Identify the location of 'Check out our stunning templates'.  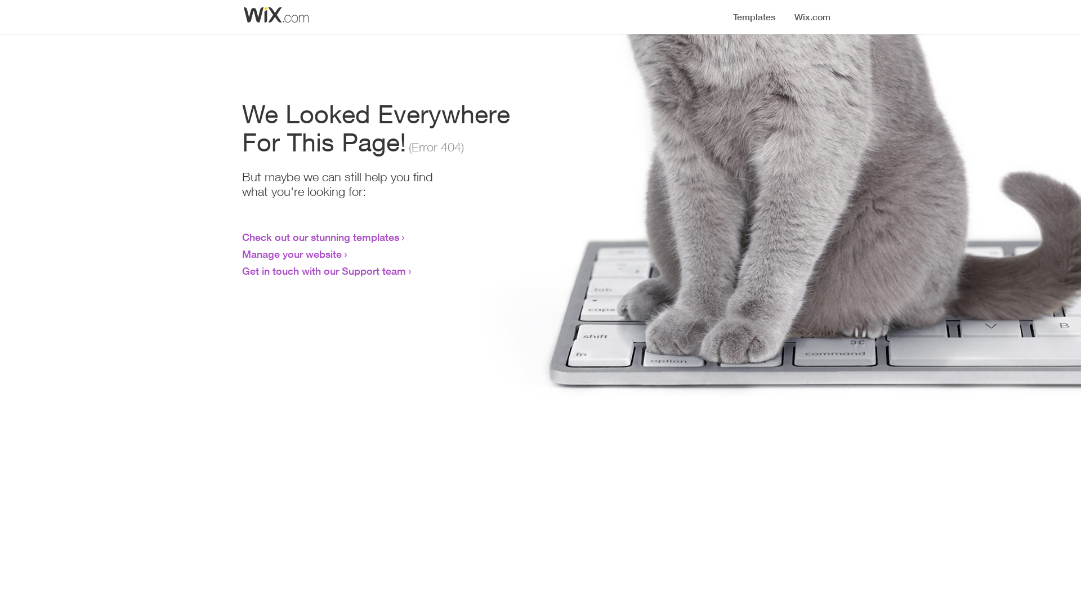
(320, 236).